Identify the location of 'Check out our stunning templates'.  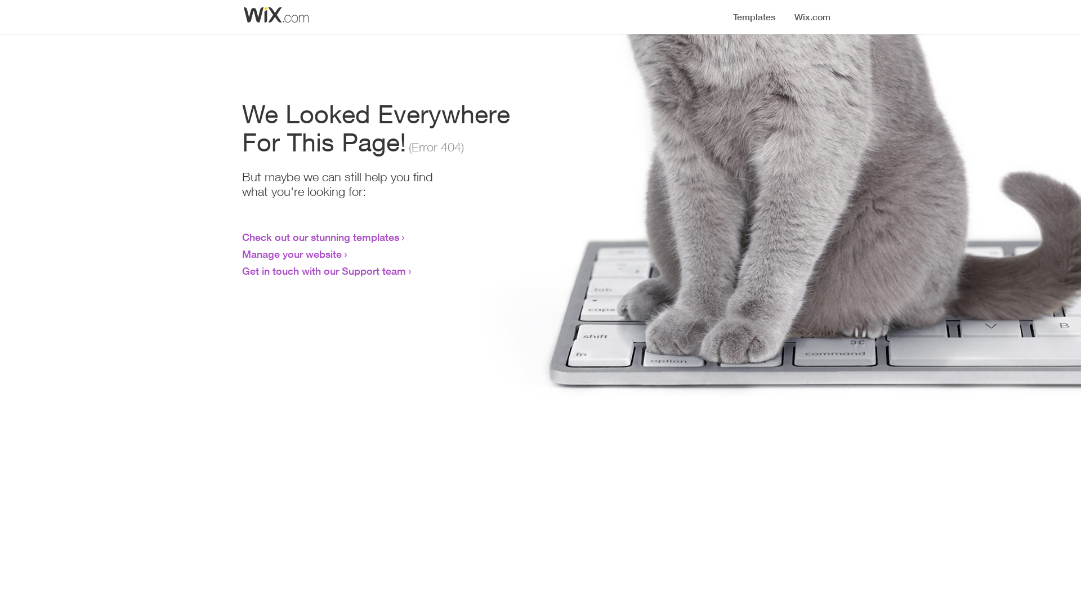
(320, 236).